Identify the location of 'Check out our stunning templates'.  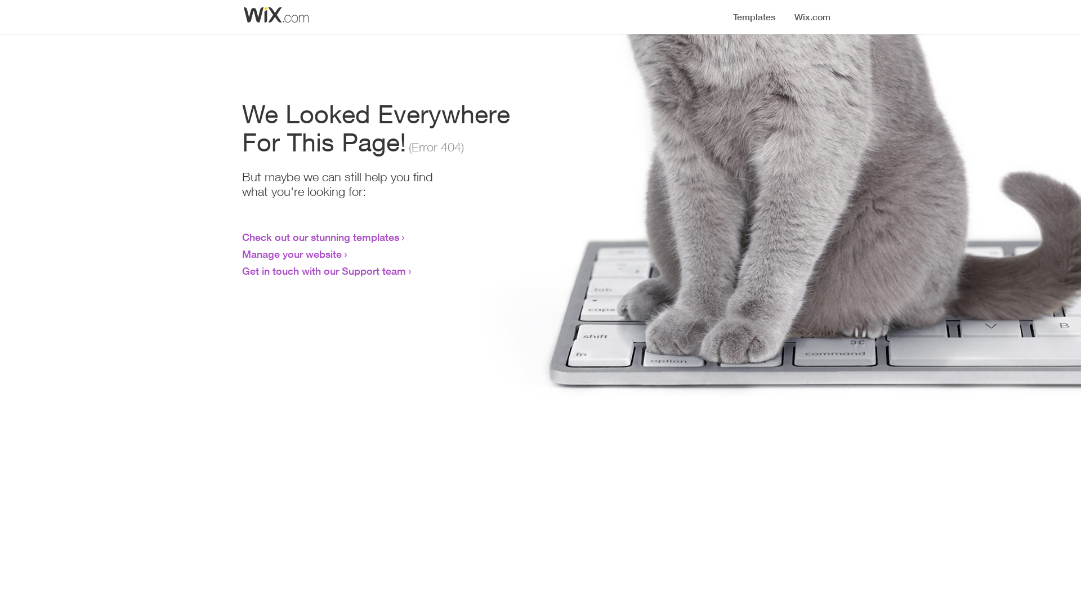
(320, 236).